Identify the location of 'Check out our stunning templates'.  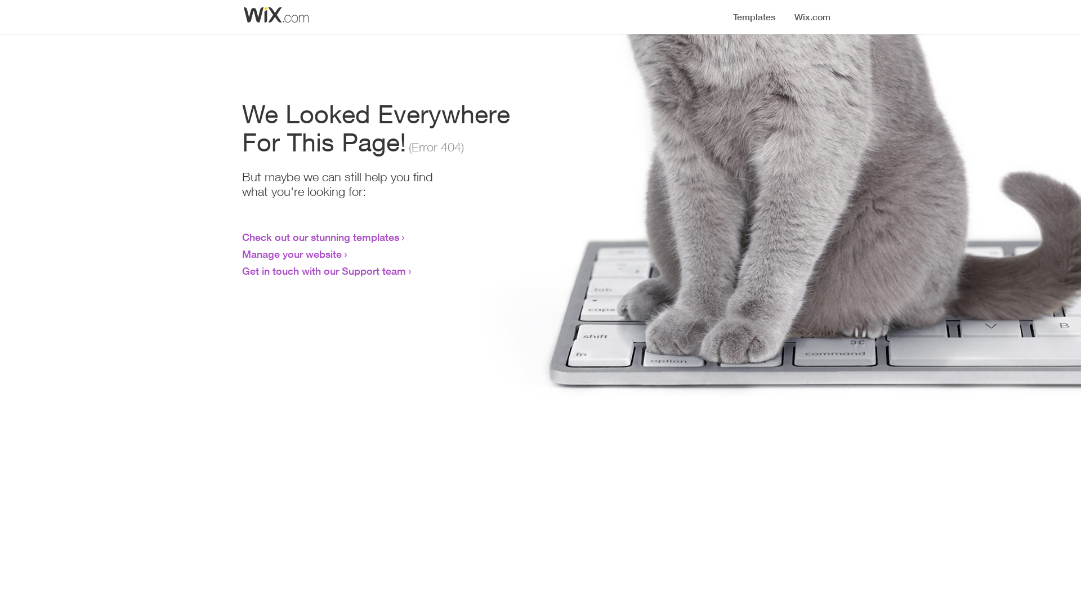
(320, 236).